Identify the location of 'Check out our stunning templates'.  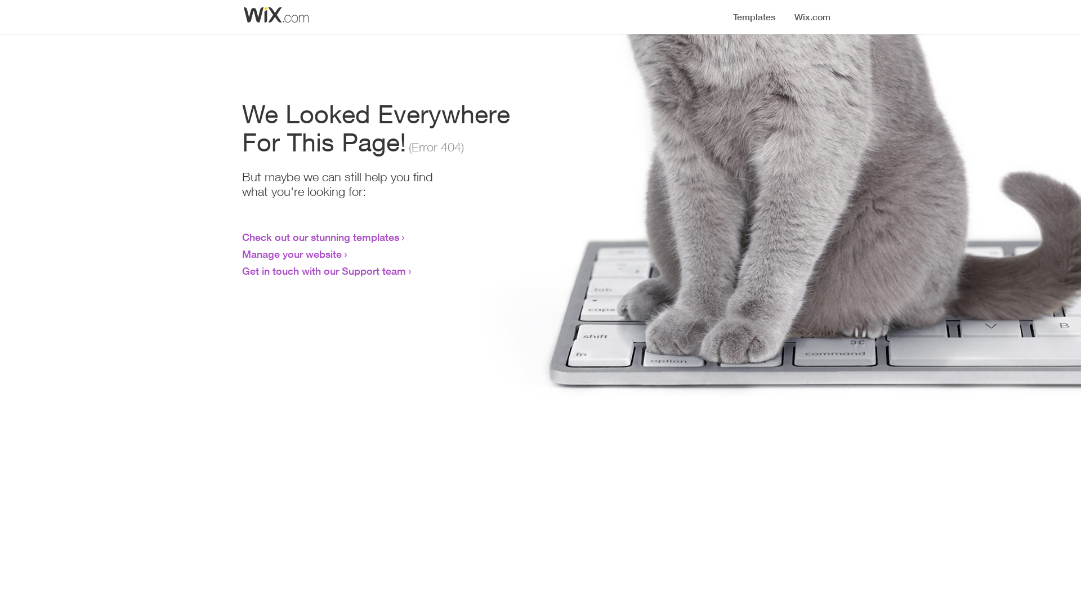
(320, 236).